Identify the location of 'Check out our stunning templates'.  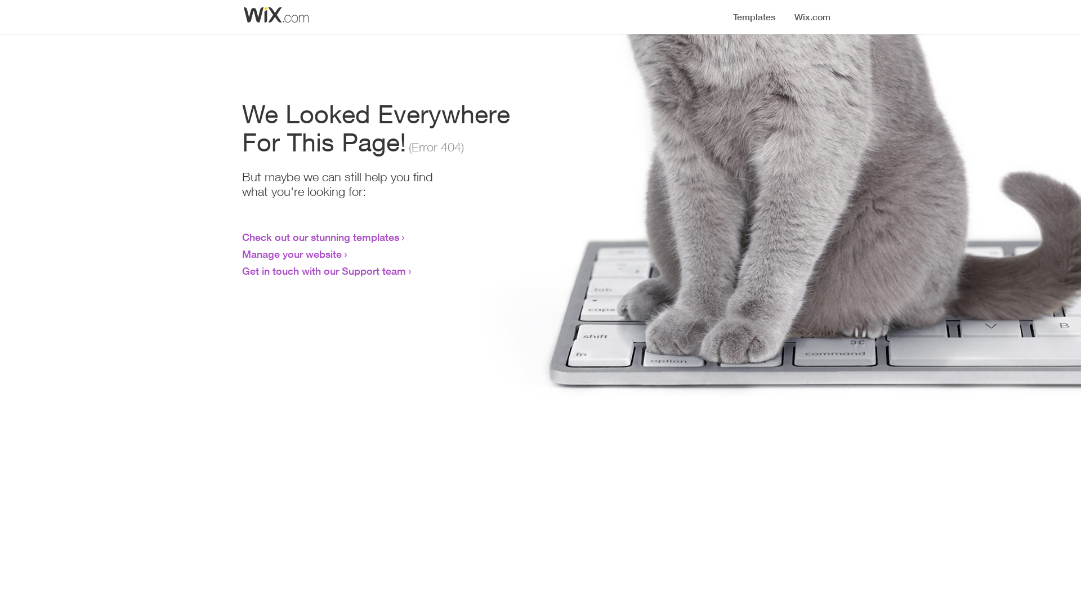
(320, 236).